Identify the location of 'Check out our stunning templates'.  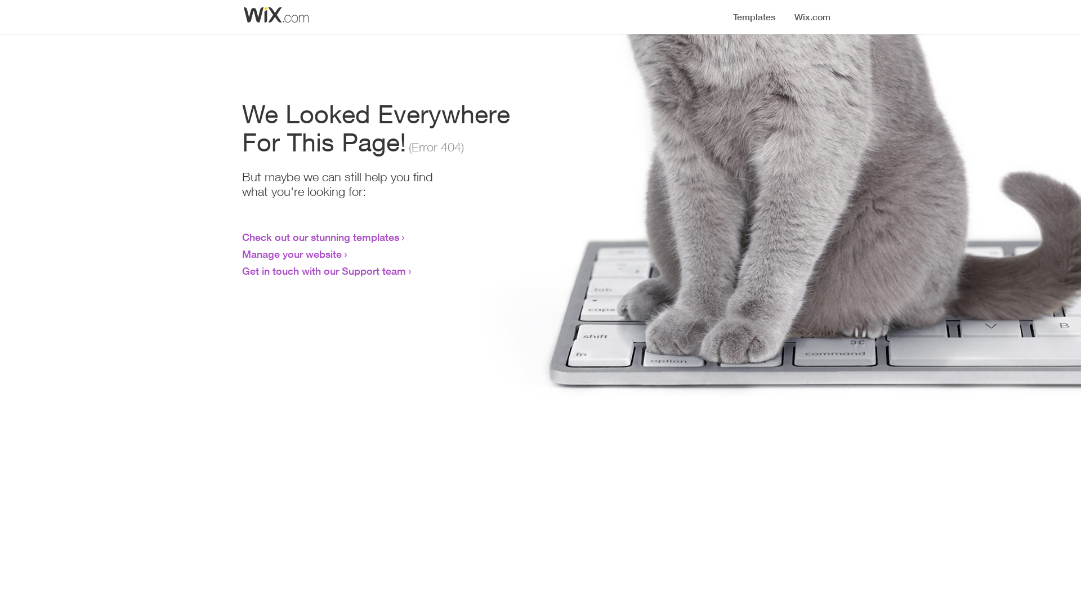
(320, 236).